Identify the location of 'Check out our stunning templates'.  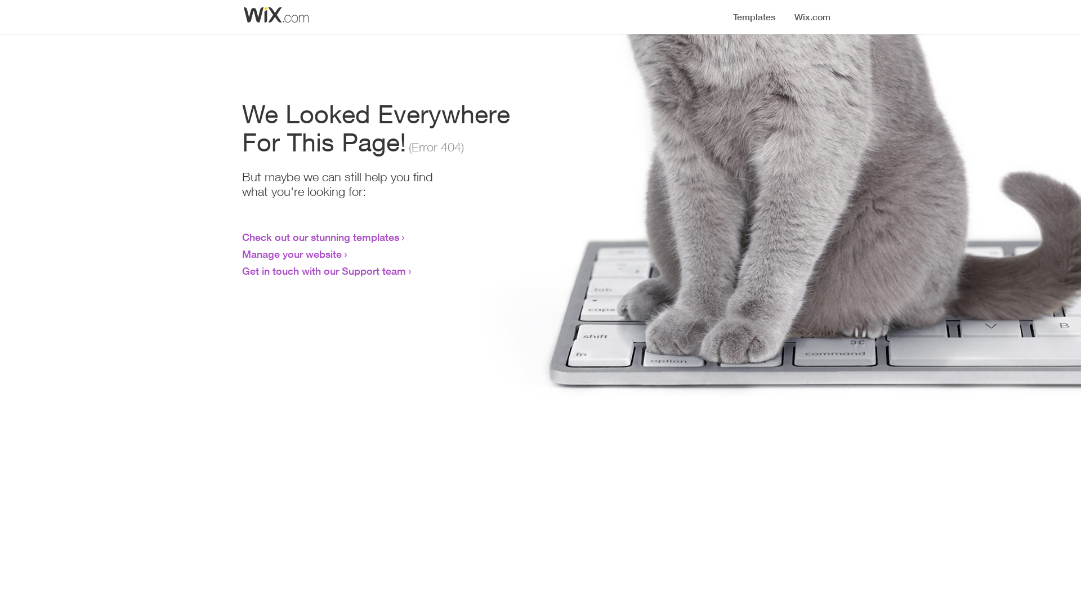
(320, 236).